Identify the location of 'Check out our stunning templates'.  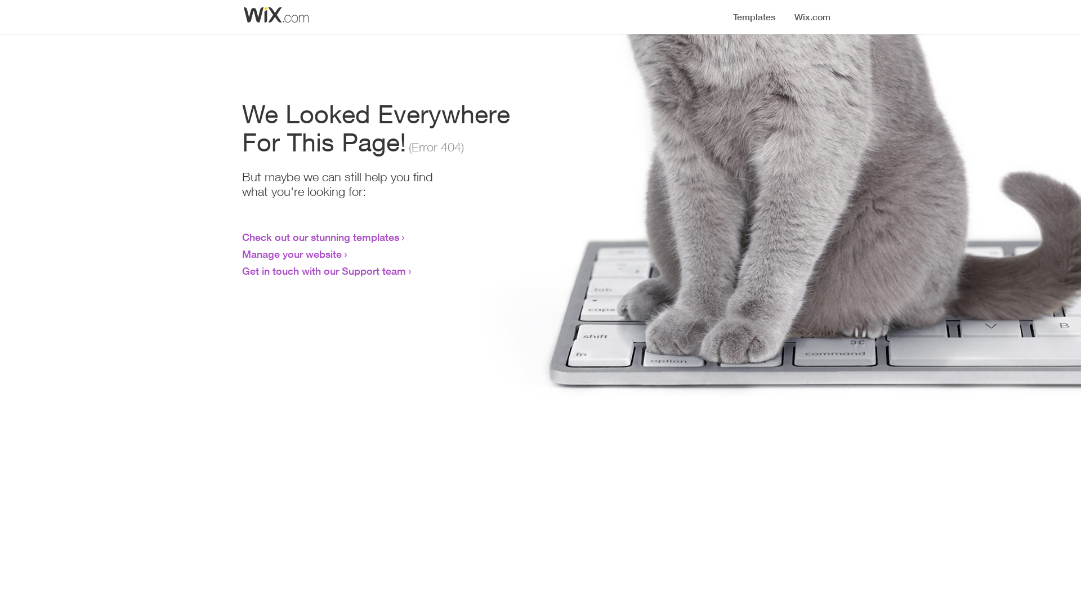
(320, 236).